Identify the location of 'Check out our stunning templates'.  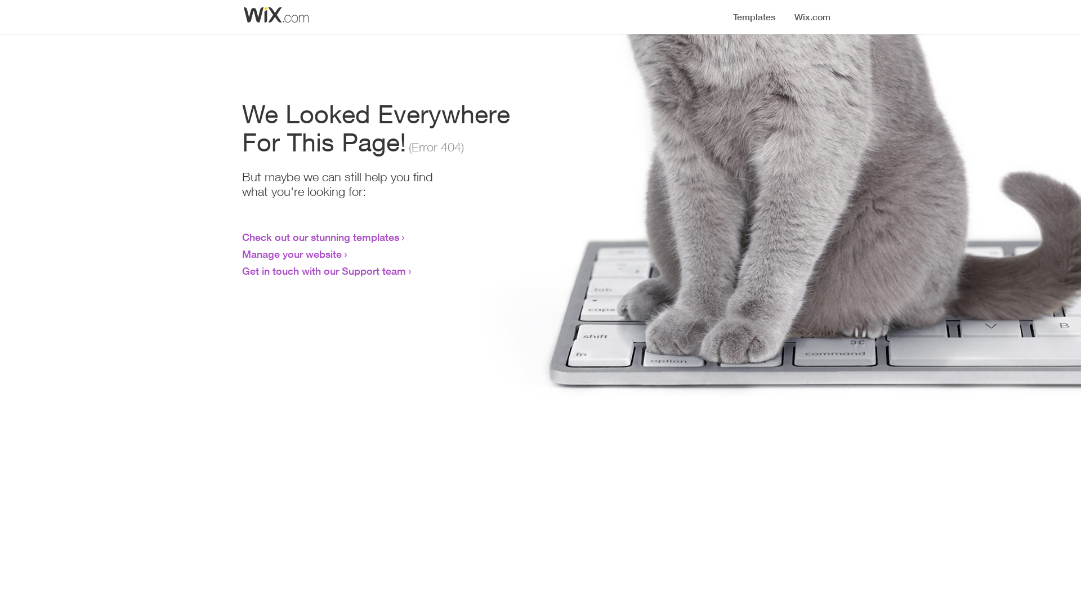
(320, 236).